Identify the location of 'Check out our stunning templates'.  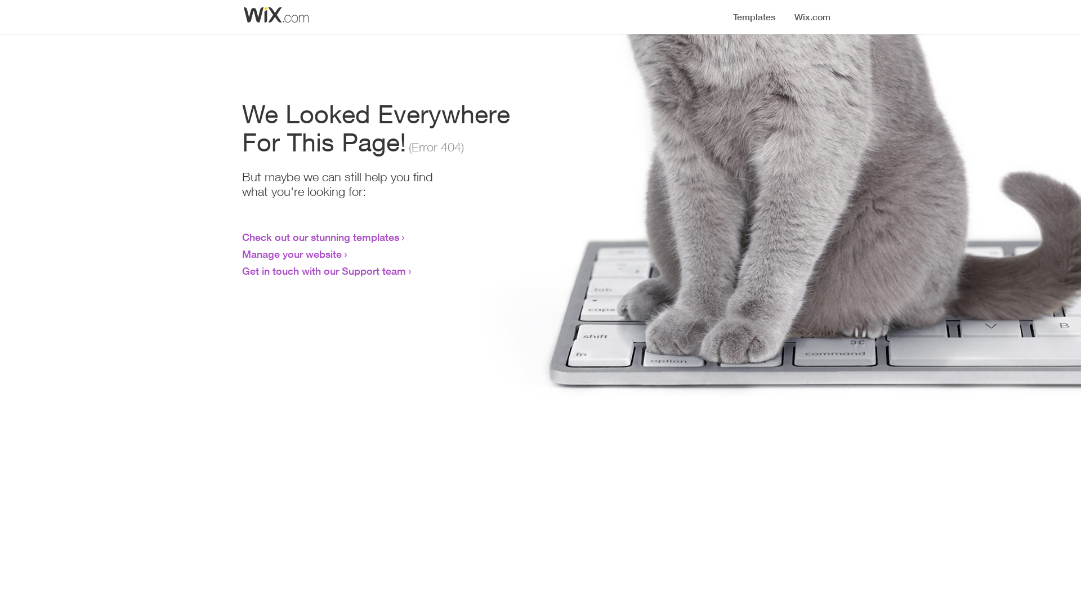
(320, 236).